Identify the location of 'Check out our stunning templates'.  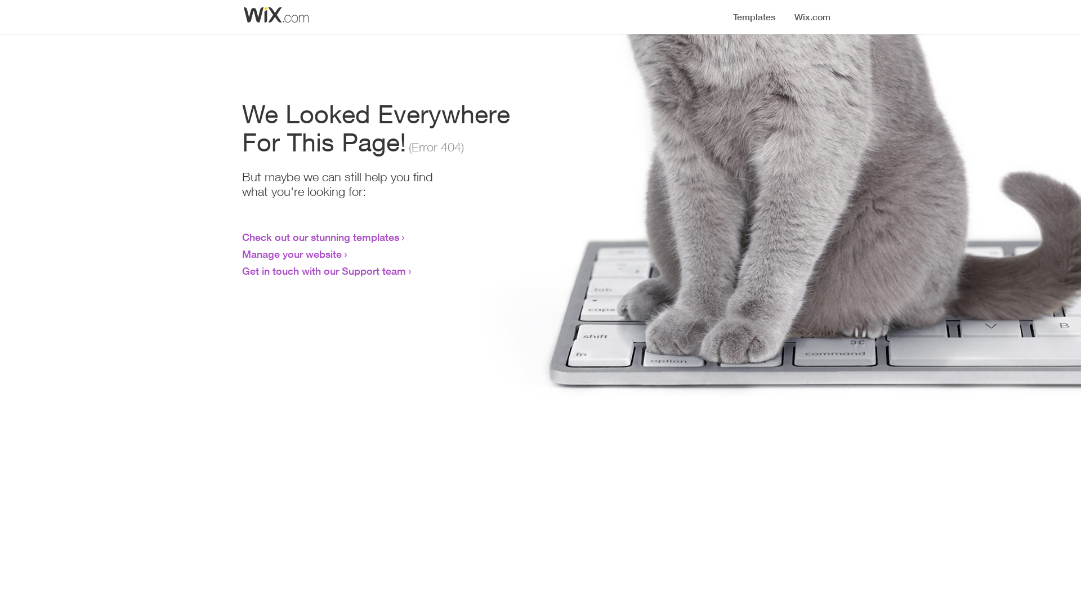
(320, 236).